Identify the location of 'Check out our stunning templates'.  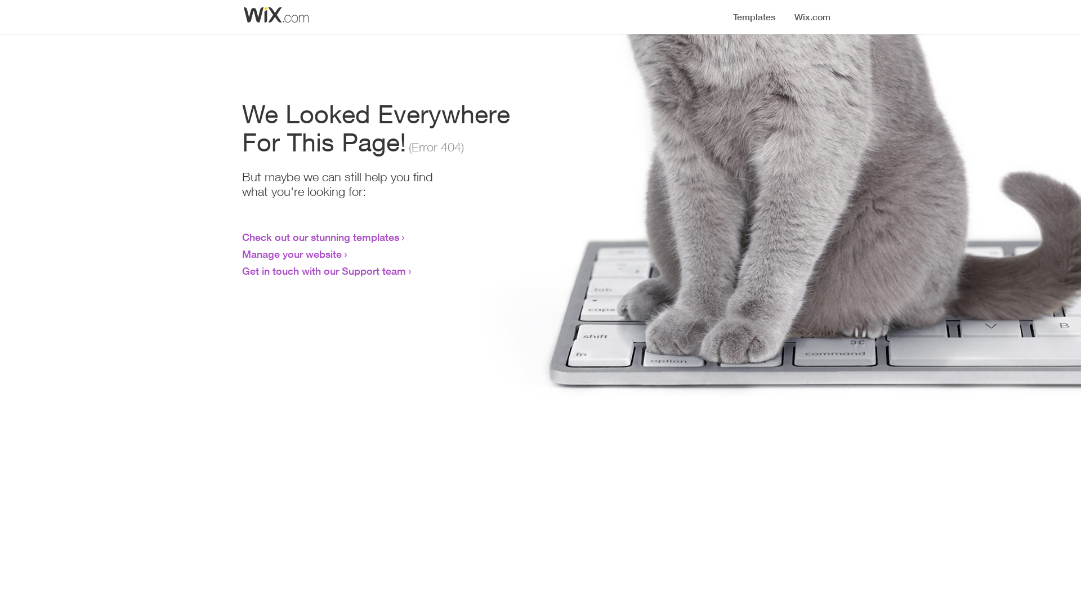
(320, 236).